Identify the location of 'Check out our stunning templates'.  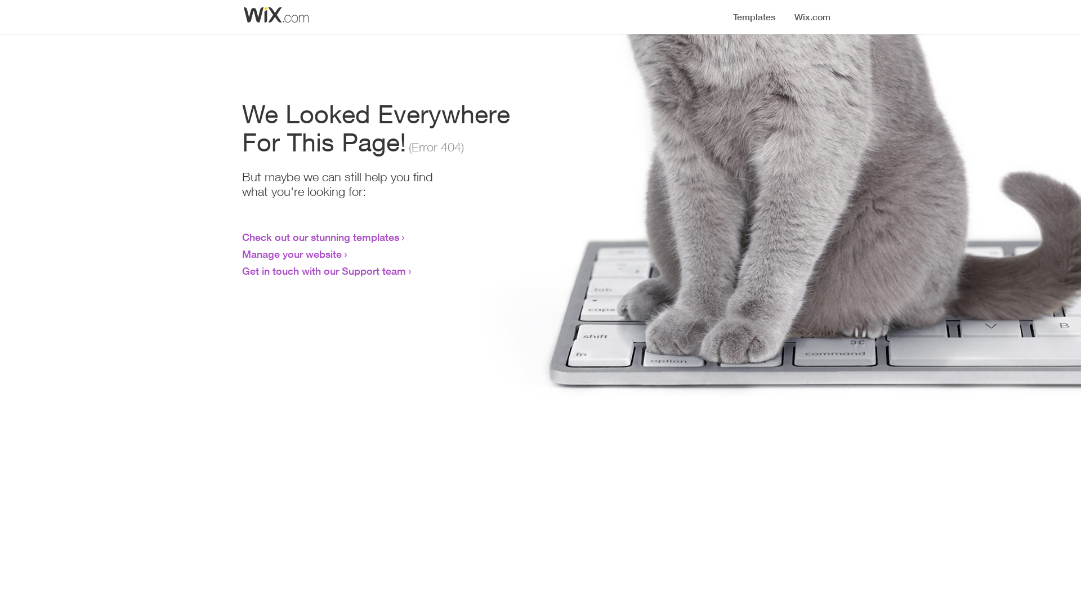
(320, 236).